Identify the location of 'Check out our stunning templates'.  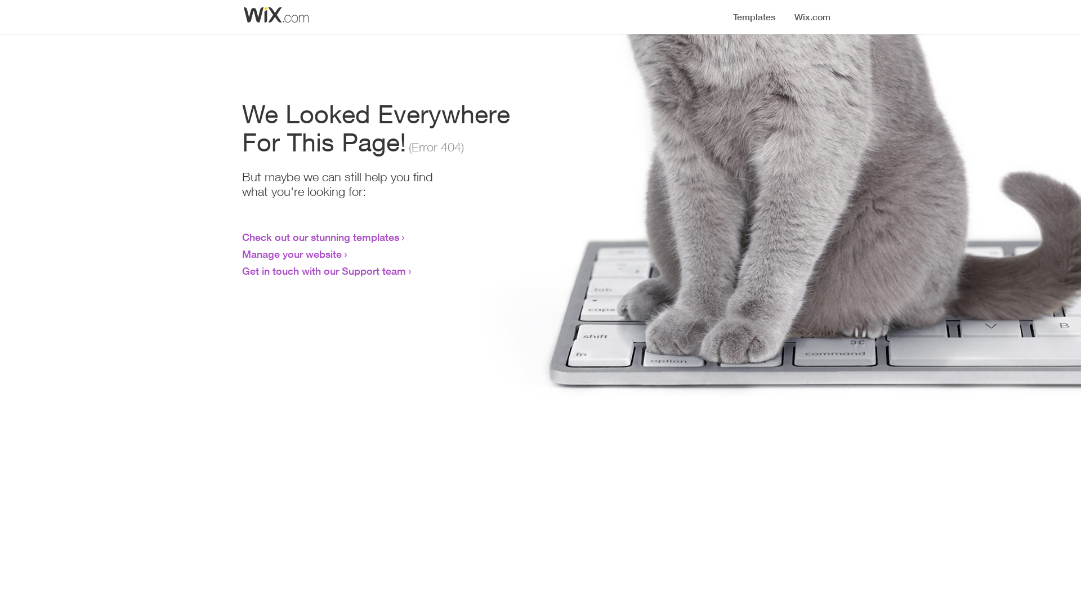
(320, 236).